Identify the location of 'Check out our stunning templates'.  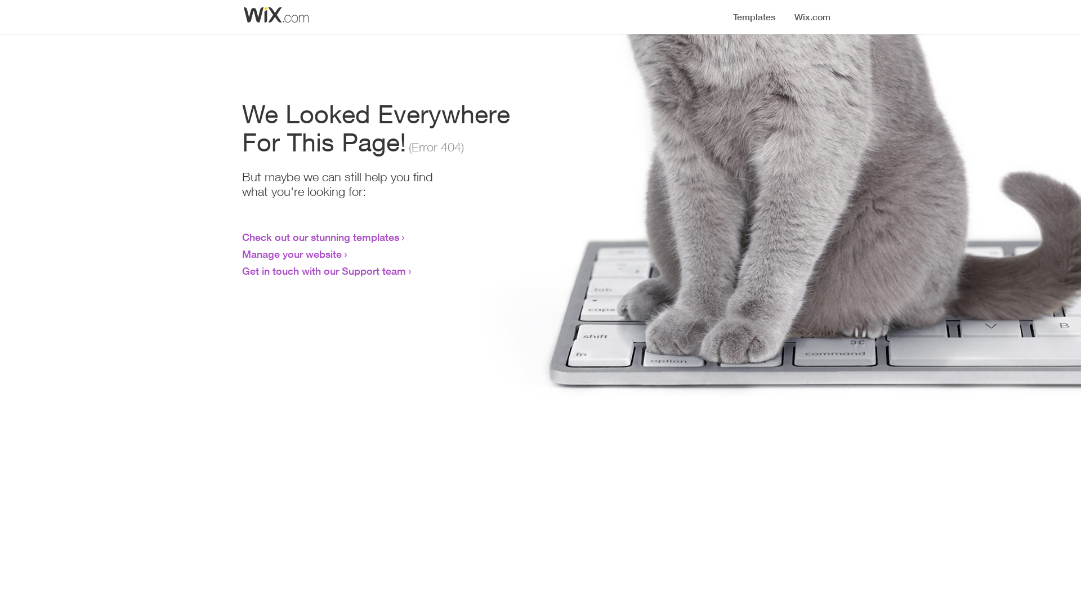
(320, 236).